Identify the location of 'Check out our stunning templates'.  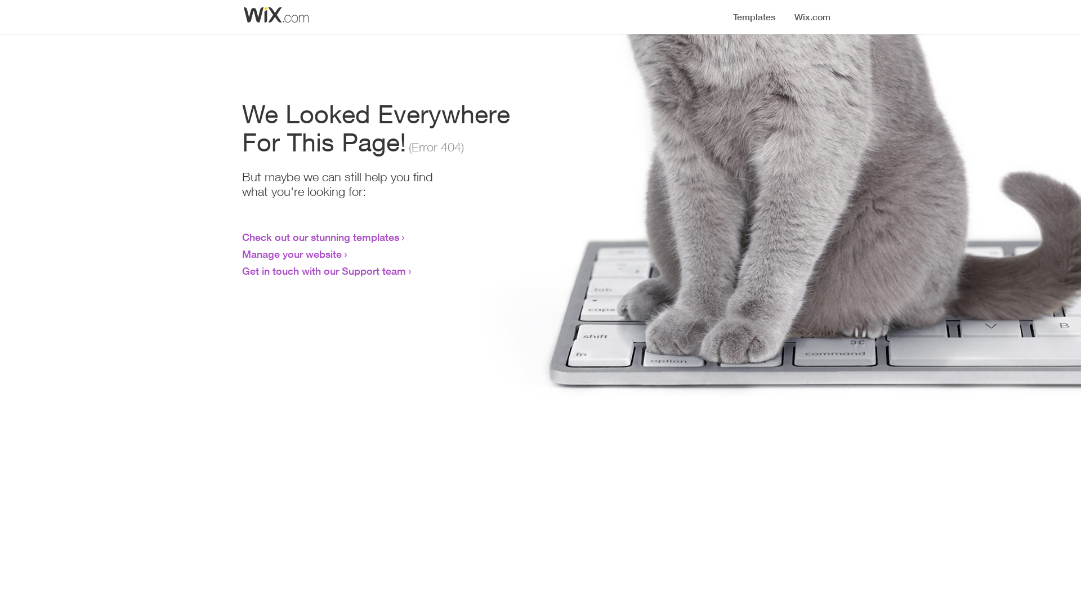
(320, 236).